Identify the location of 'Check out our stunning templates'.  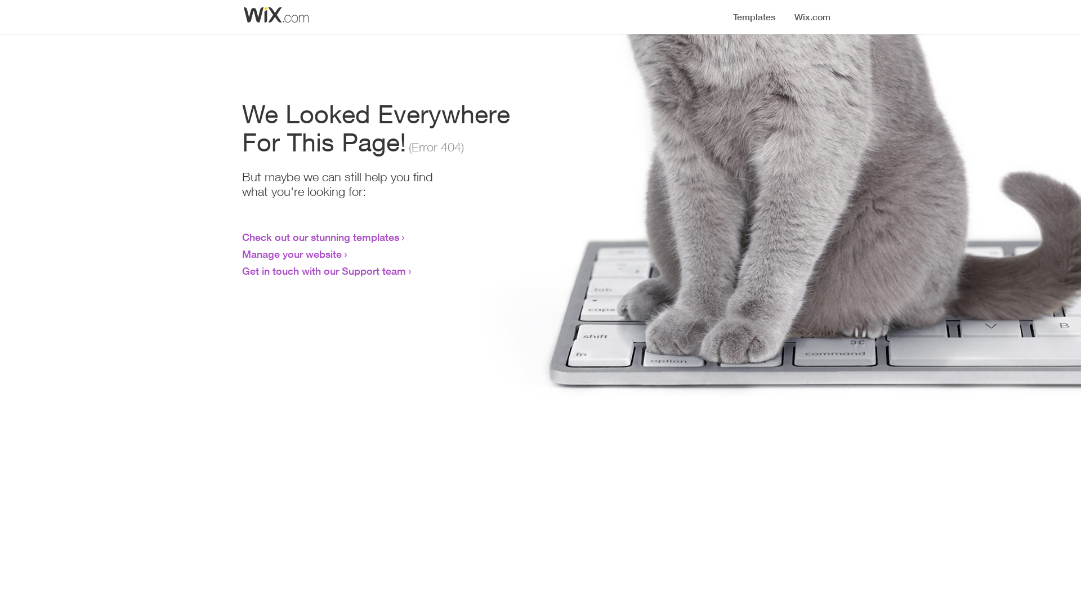
(320, 236).